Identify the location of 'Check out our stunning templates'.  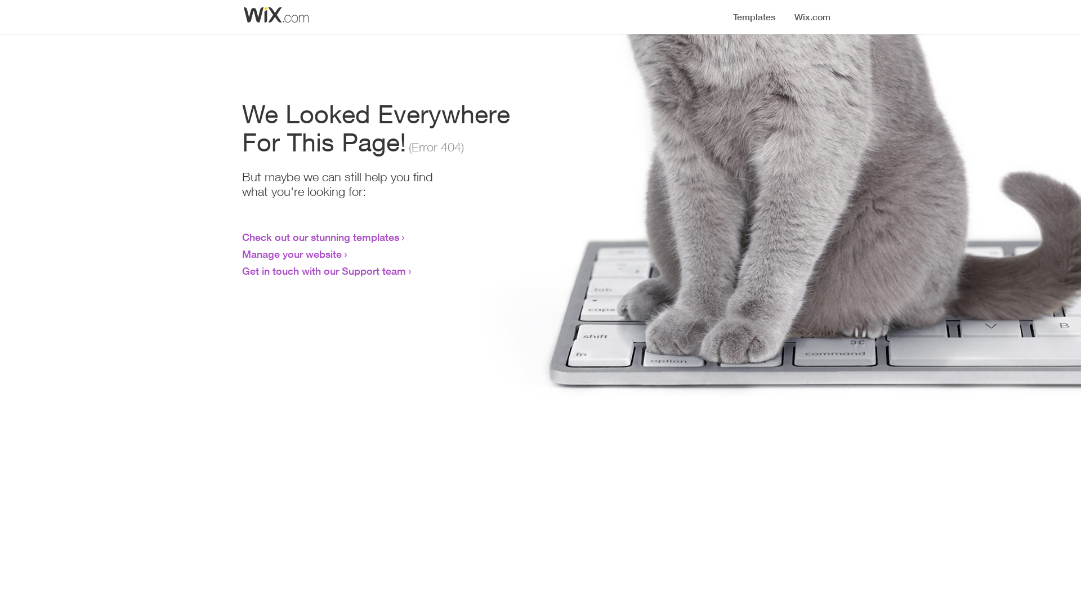
(320, 236).